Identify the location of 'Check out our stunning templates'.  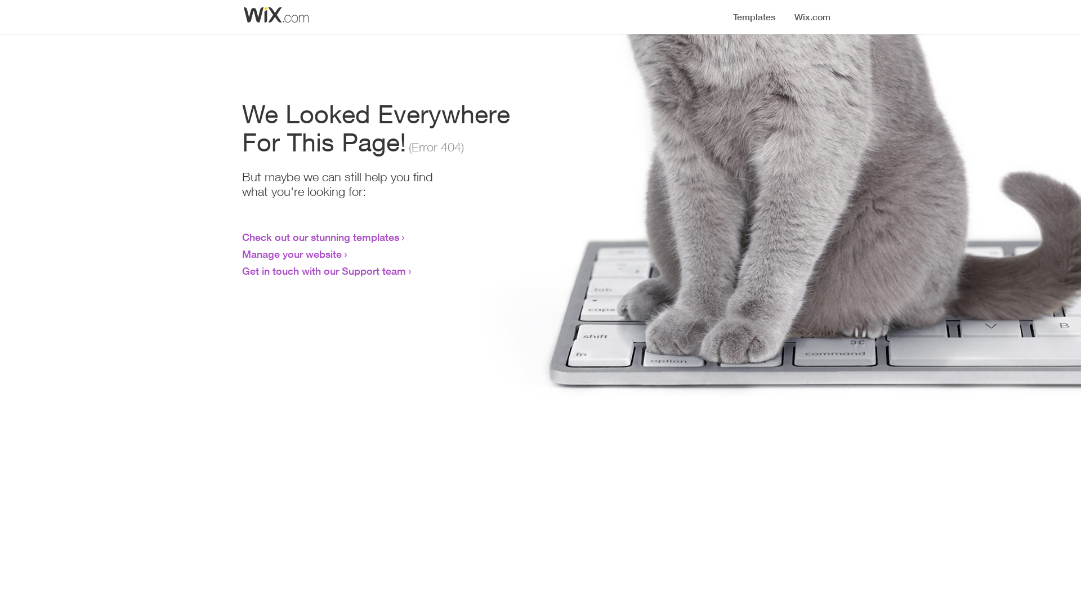
(320, 236).